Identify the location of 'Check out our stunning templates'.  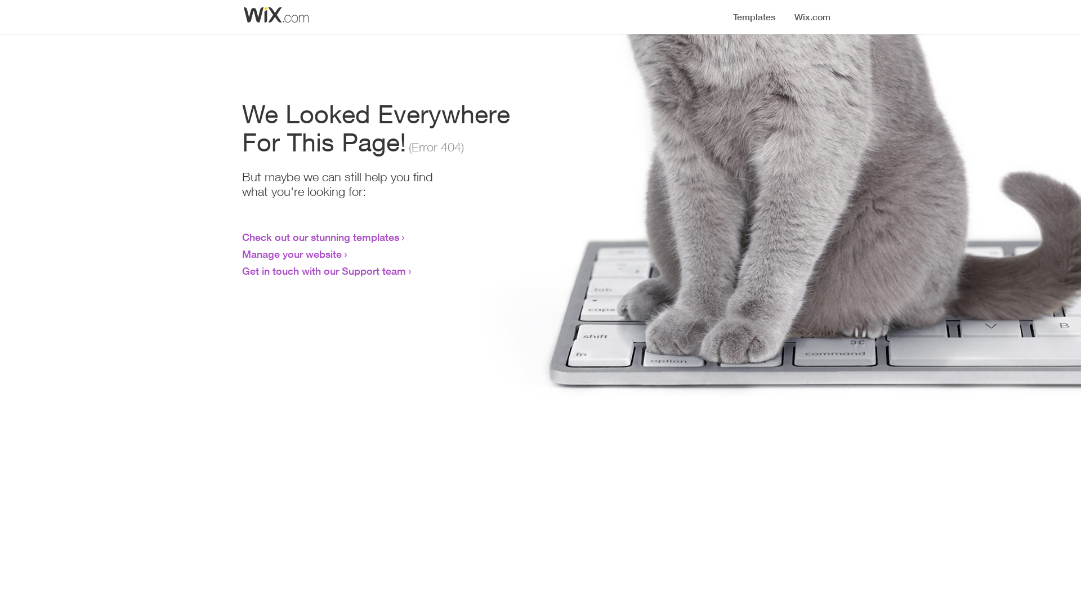
(320, 236).